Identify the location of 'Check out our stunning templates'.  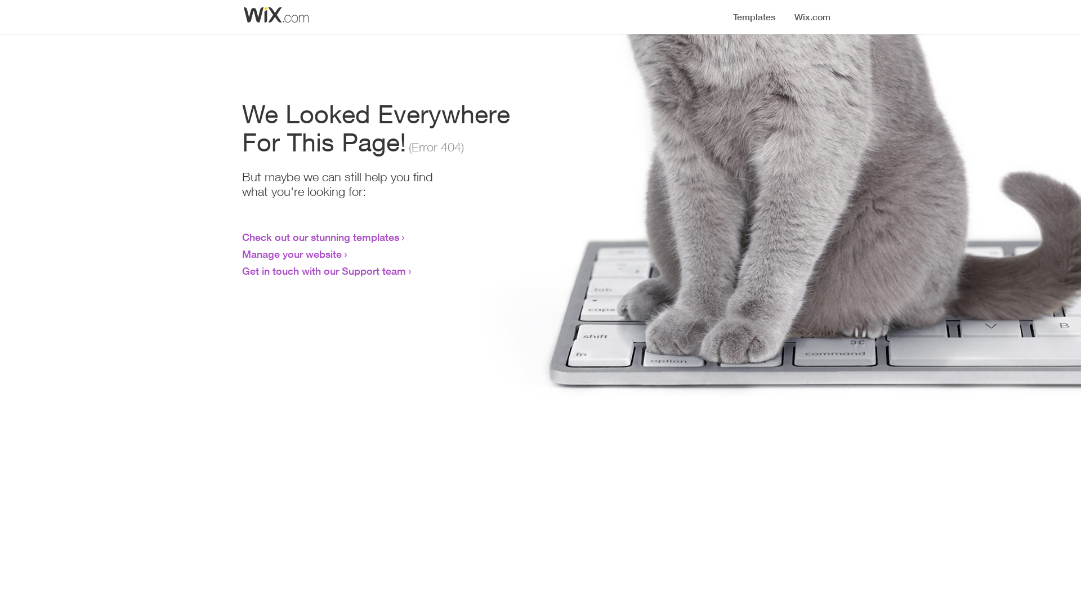
(320, 236).